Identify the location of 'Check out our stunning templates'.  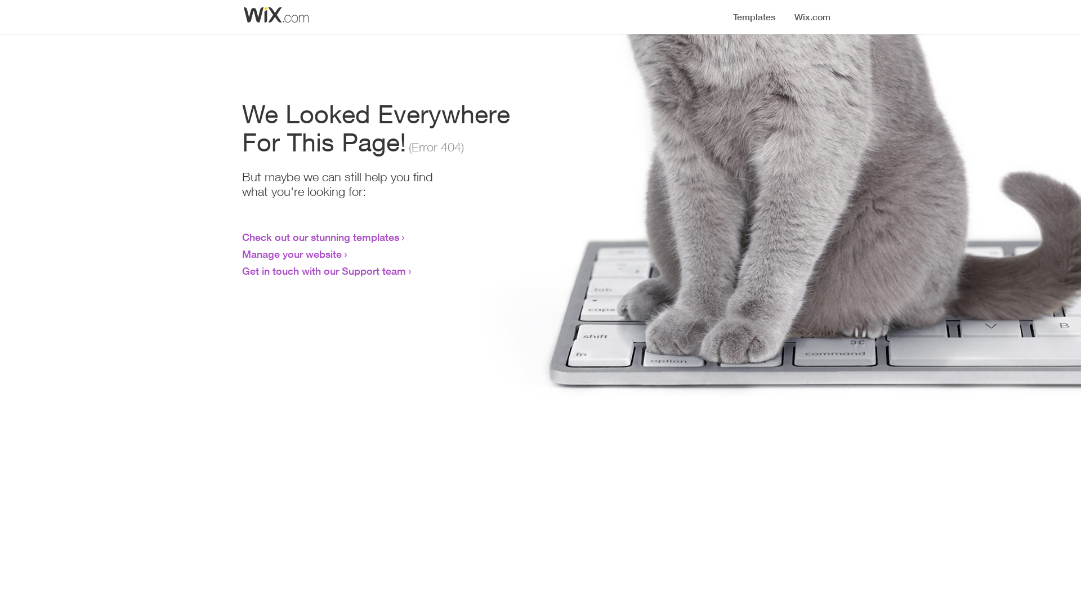
(320, 236).